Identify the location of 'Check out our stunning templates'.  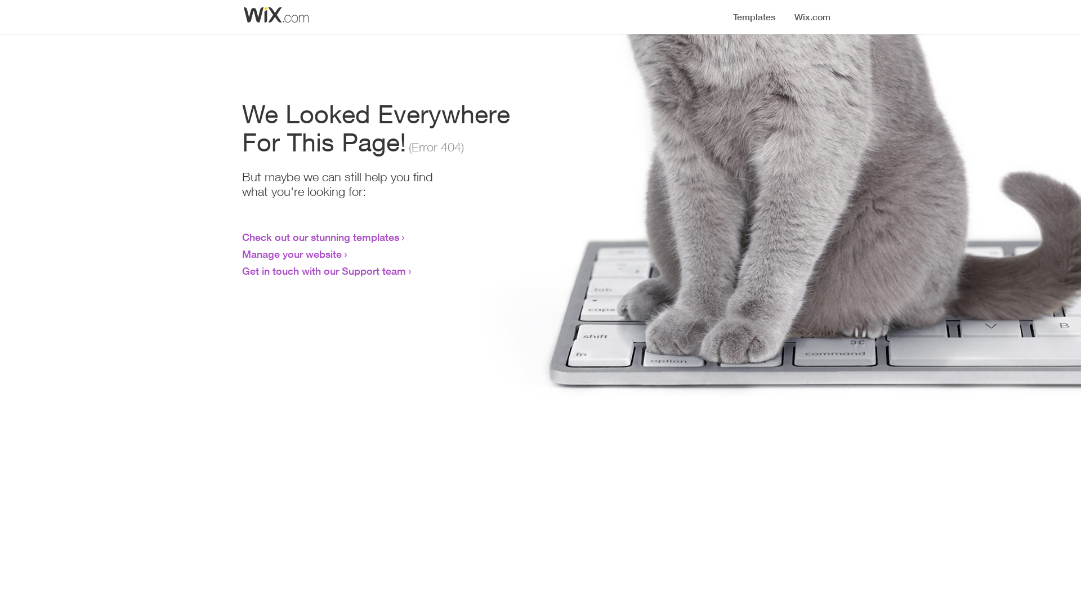
(320, 236).